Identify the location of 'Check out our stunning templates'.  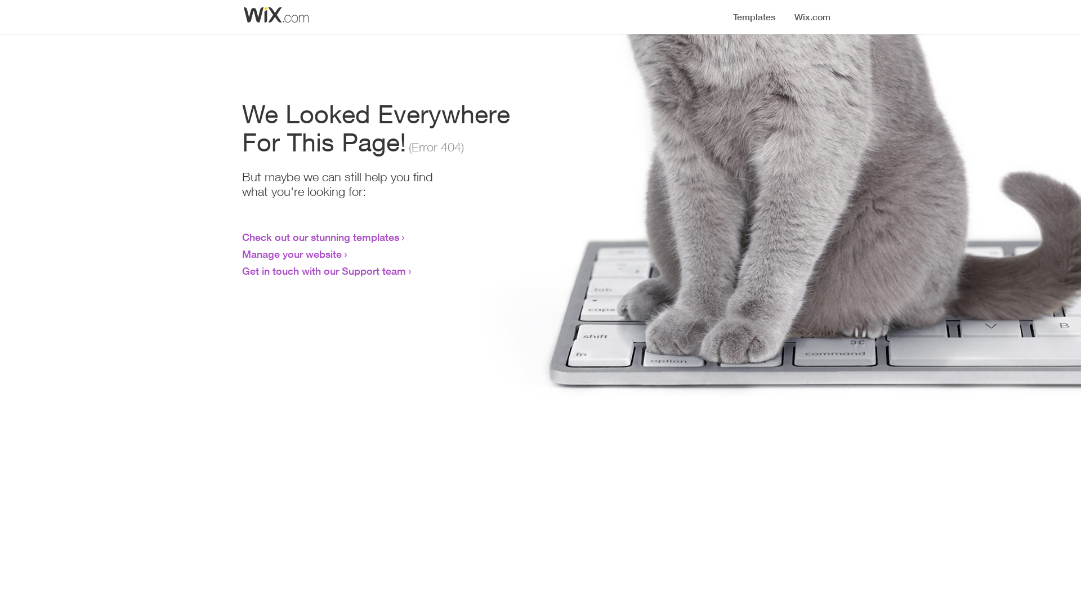
(320, 236).